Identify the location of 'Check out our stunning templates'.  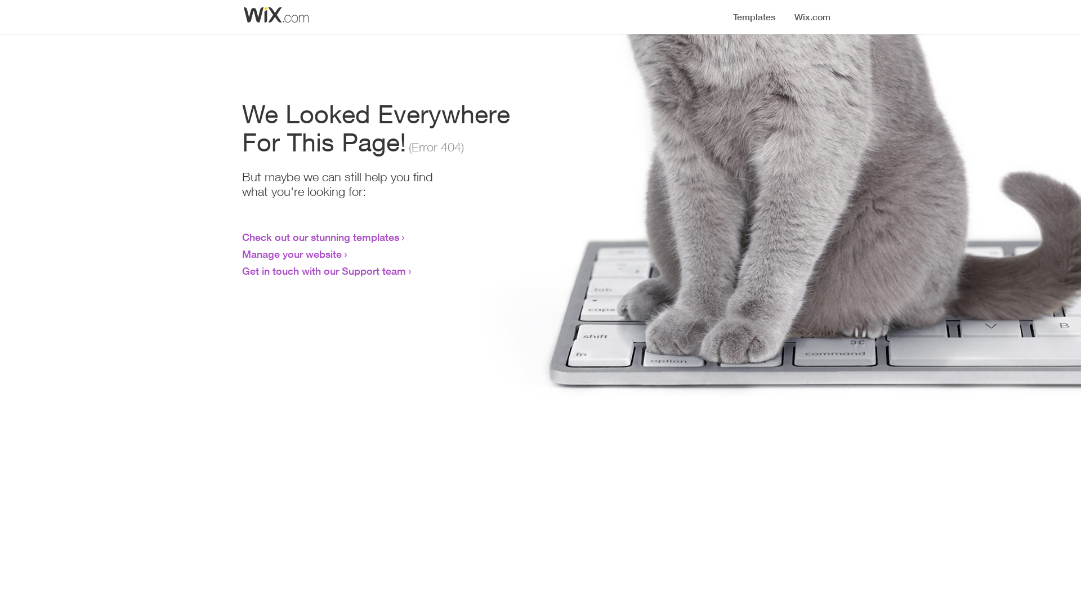
(320, 236).